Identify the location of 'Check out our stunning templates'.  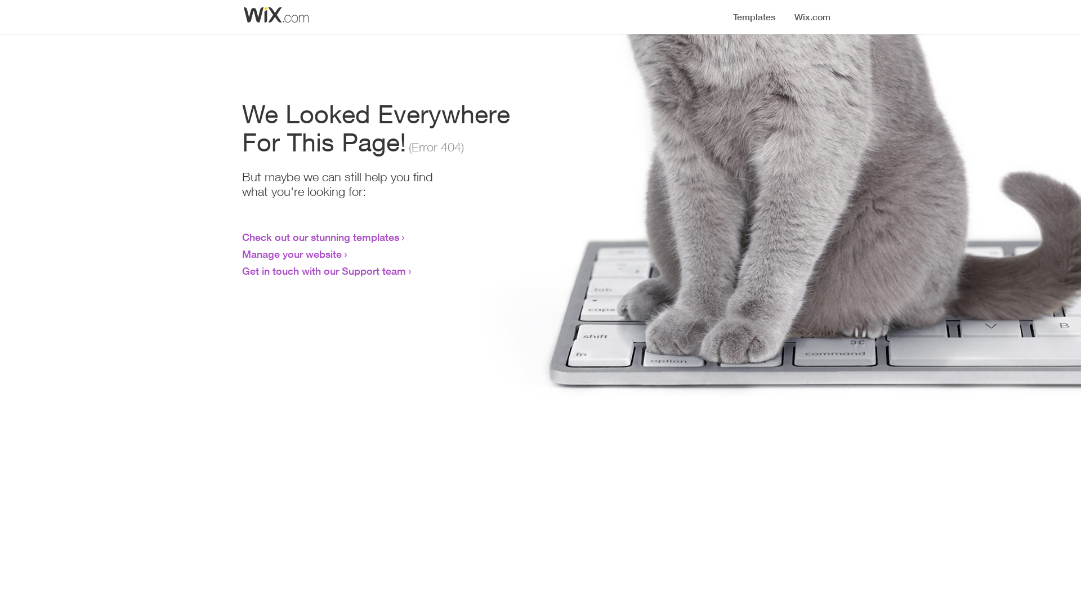
(320, 236).